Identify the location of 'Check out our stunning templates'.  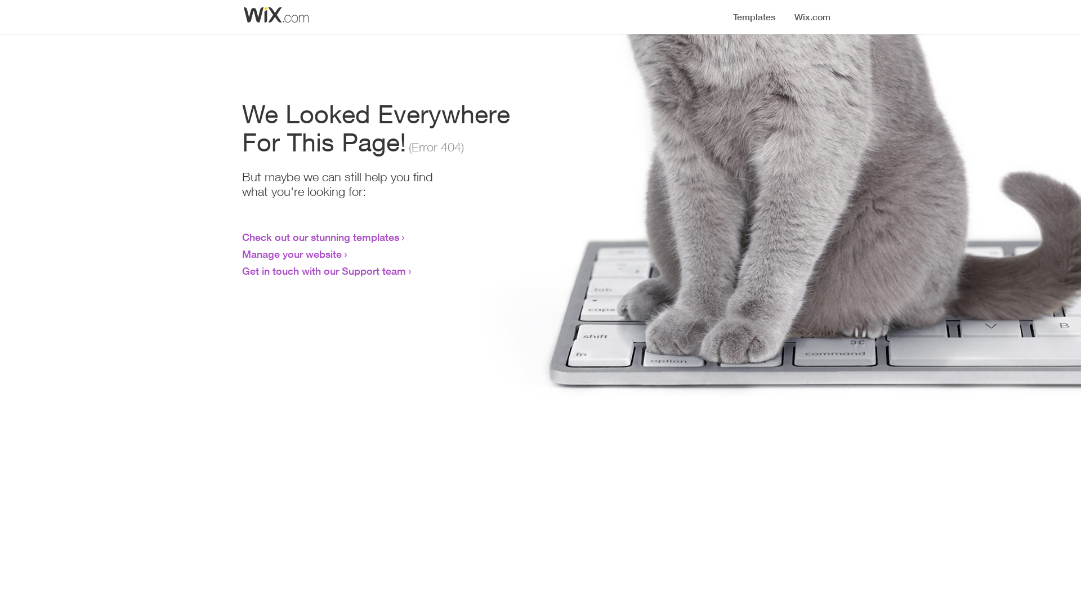
(320, 236).